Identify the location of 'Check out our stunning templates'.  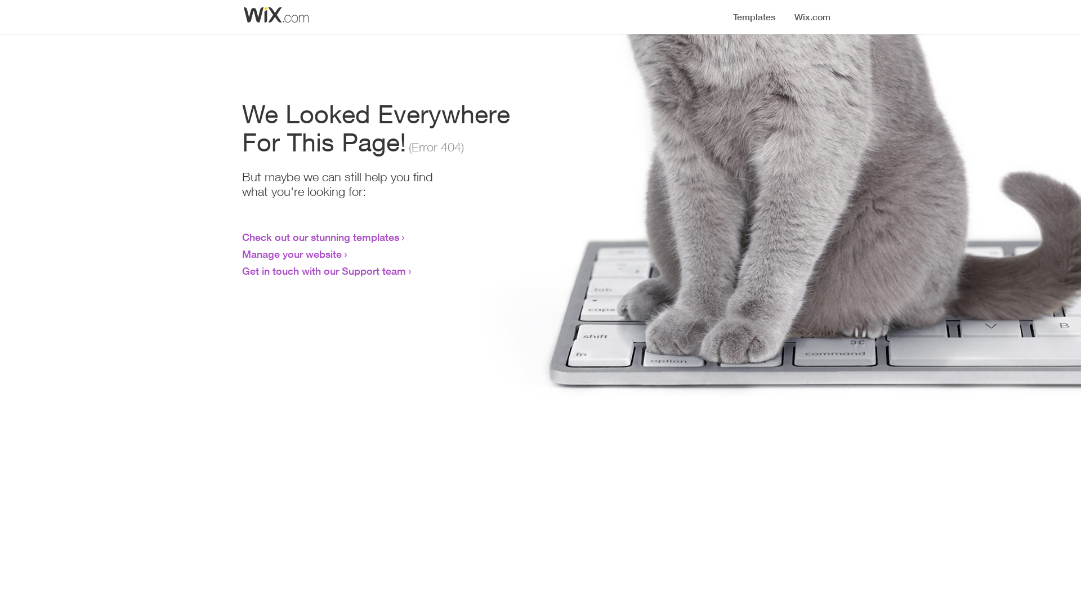
(320, 236).